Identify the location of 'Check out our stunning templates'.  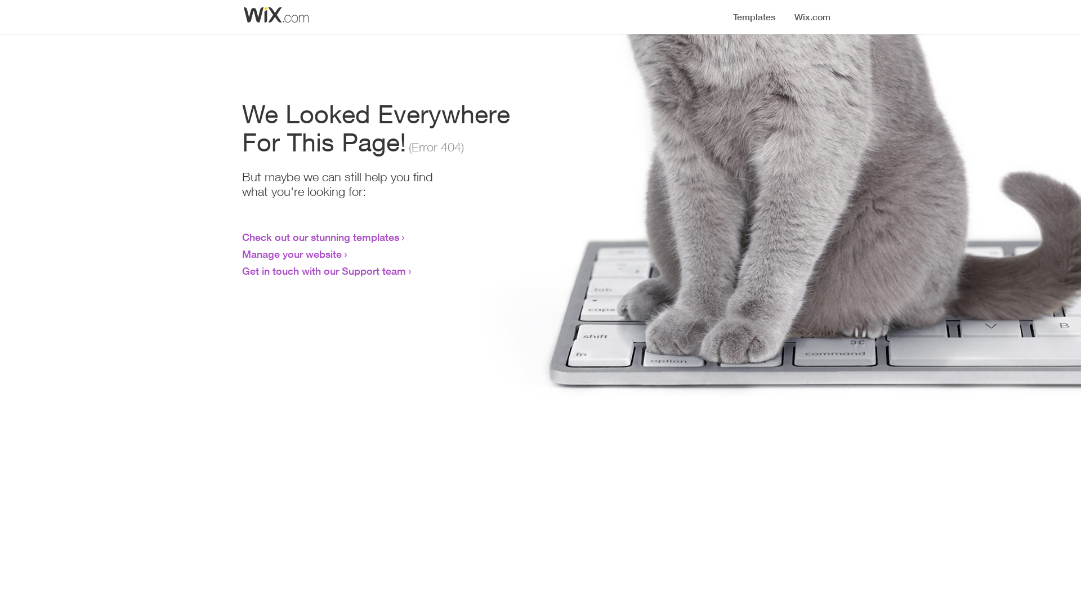
(320, 236).